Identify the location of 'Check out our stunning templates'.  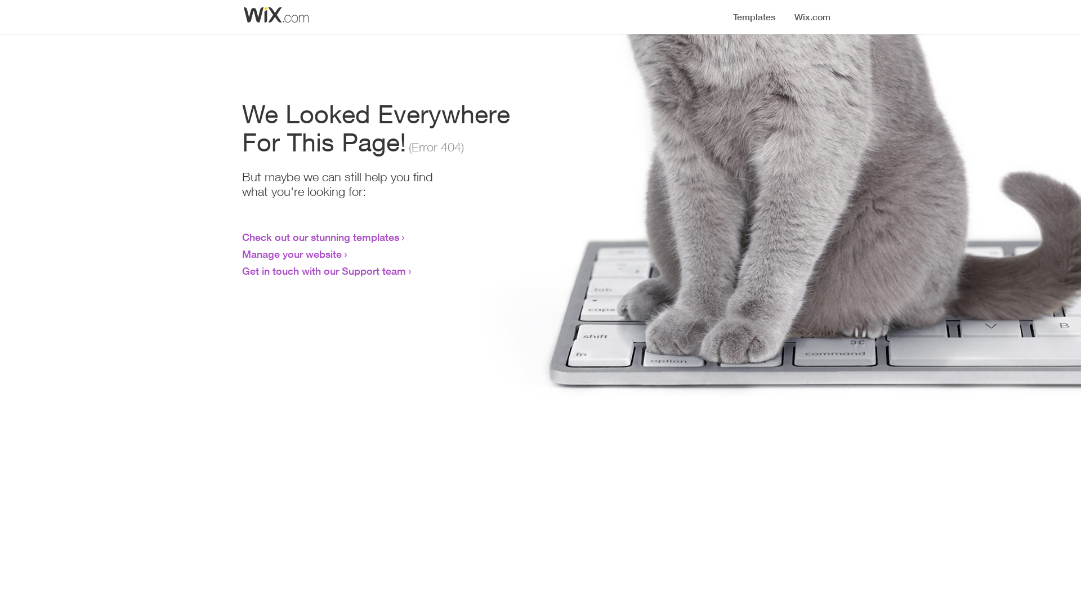
(320, 236).